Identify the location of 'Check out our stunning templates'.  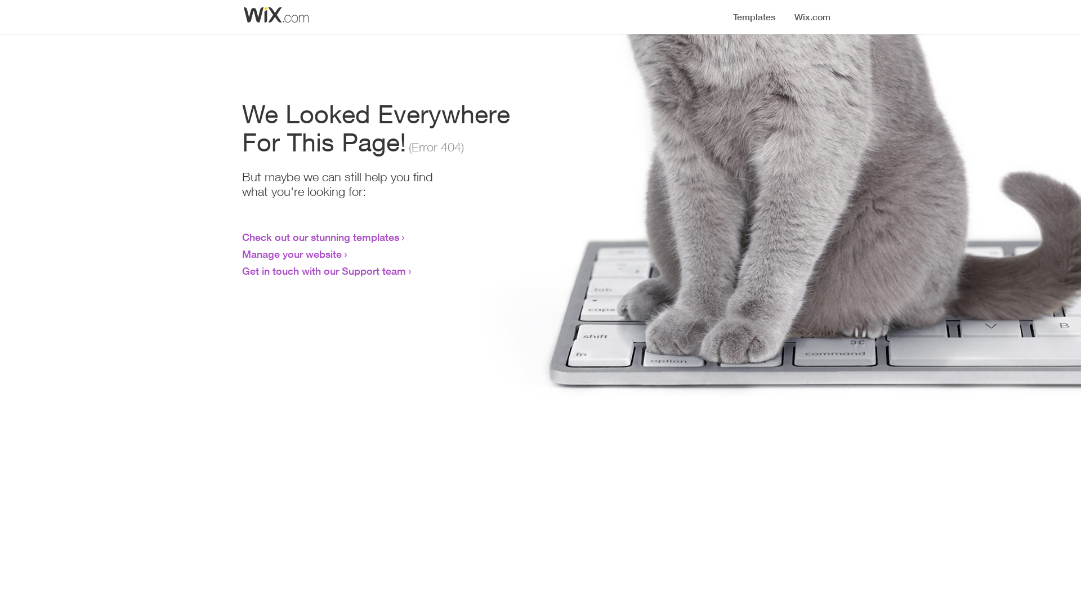
(320, 236).